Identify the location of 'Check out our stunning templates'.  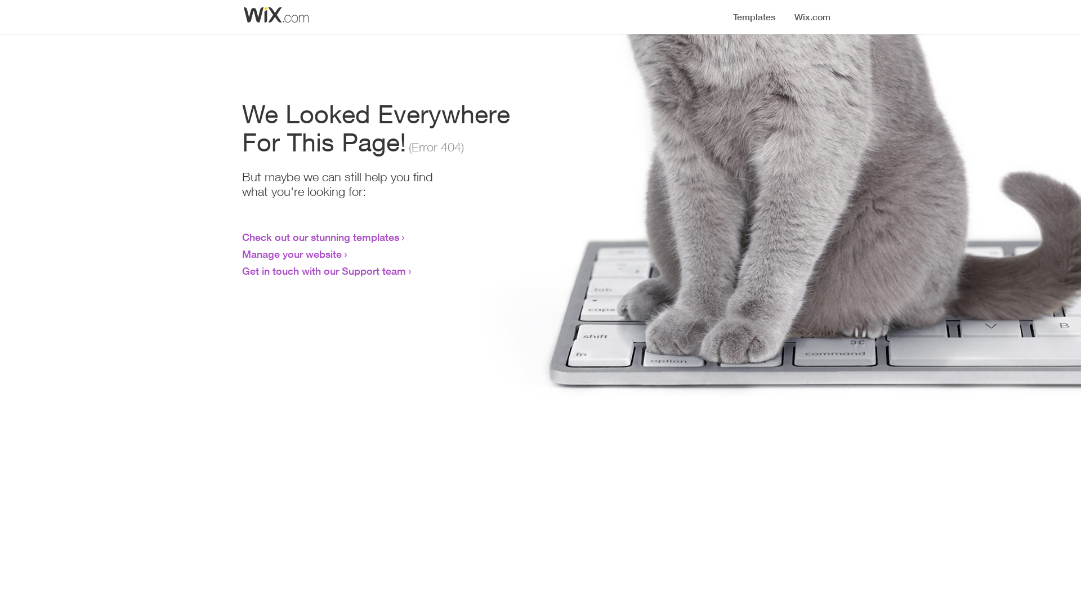
(320, 236).